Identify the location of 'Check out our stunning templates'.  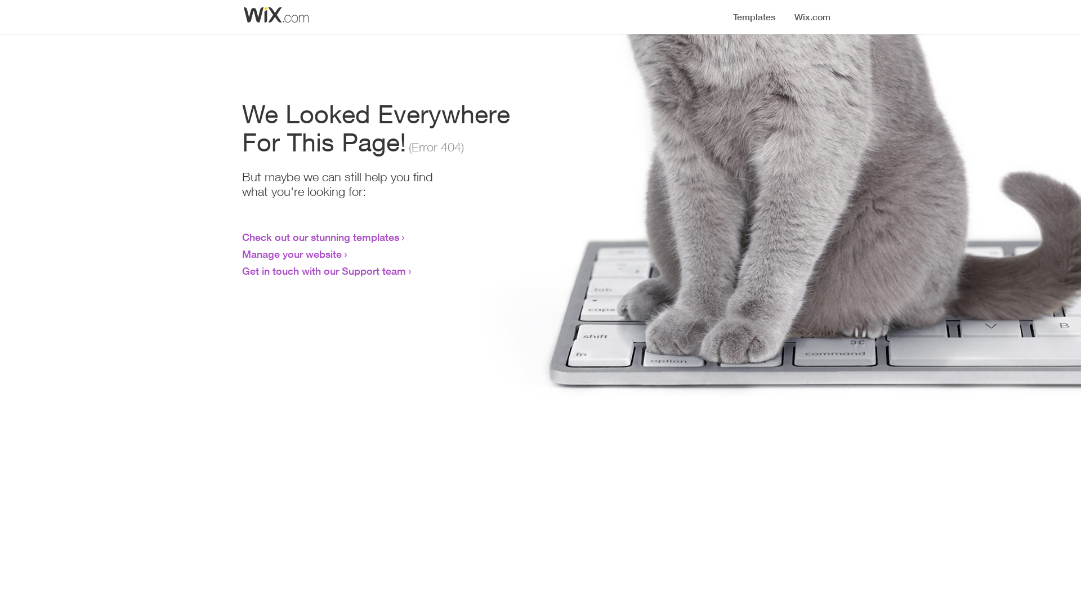
(320, 236).